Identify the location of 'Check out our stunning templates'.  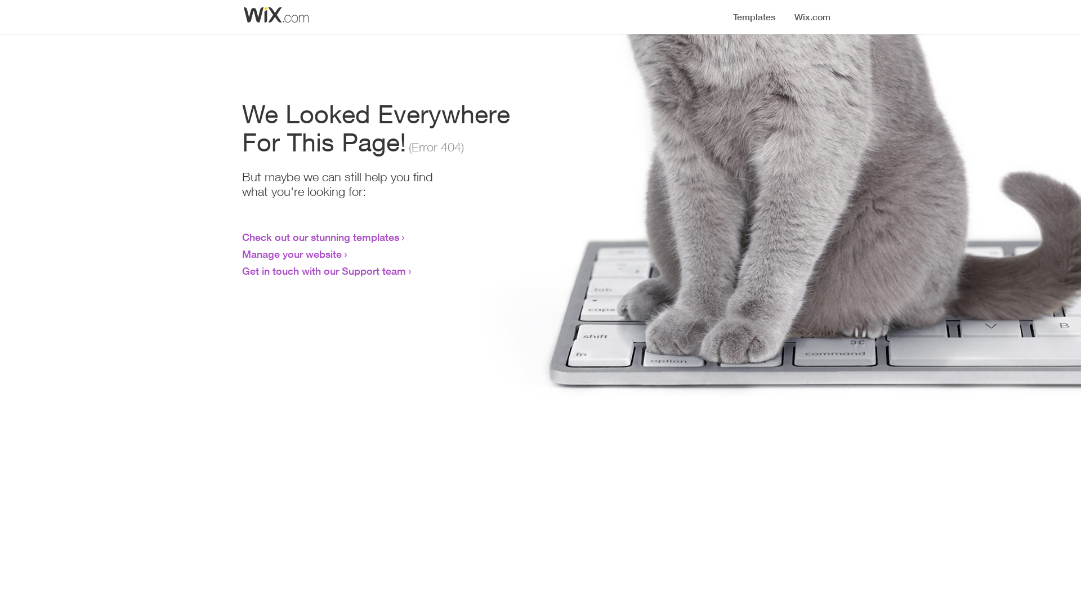
(320, 236).